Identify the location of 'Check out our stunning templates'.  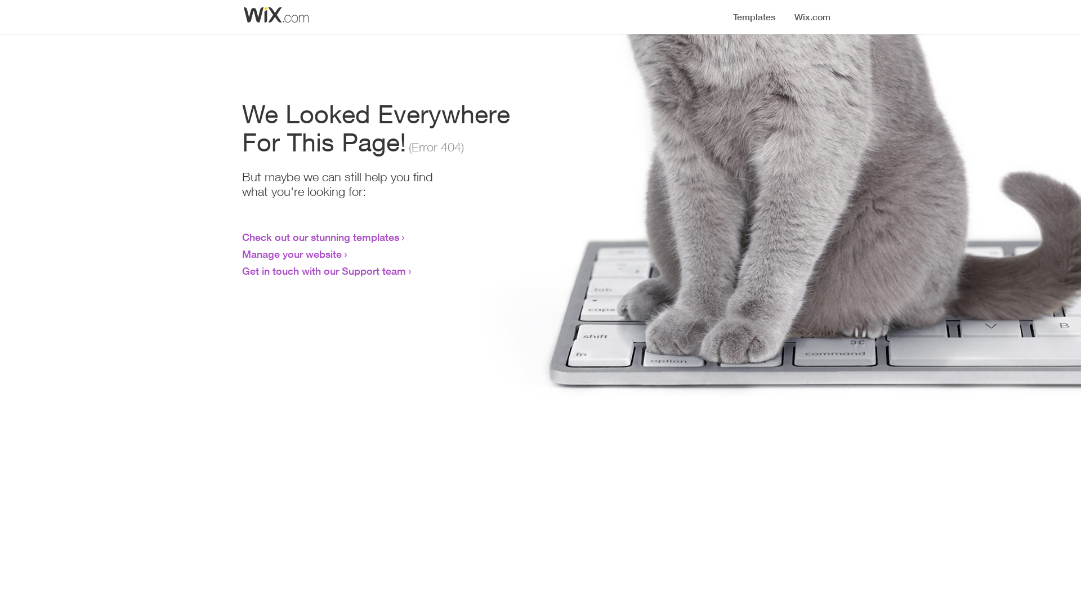
(320, 236).